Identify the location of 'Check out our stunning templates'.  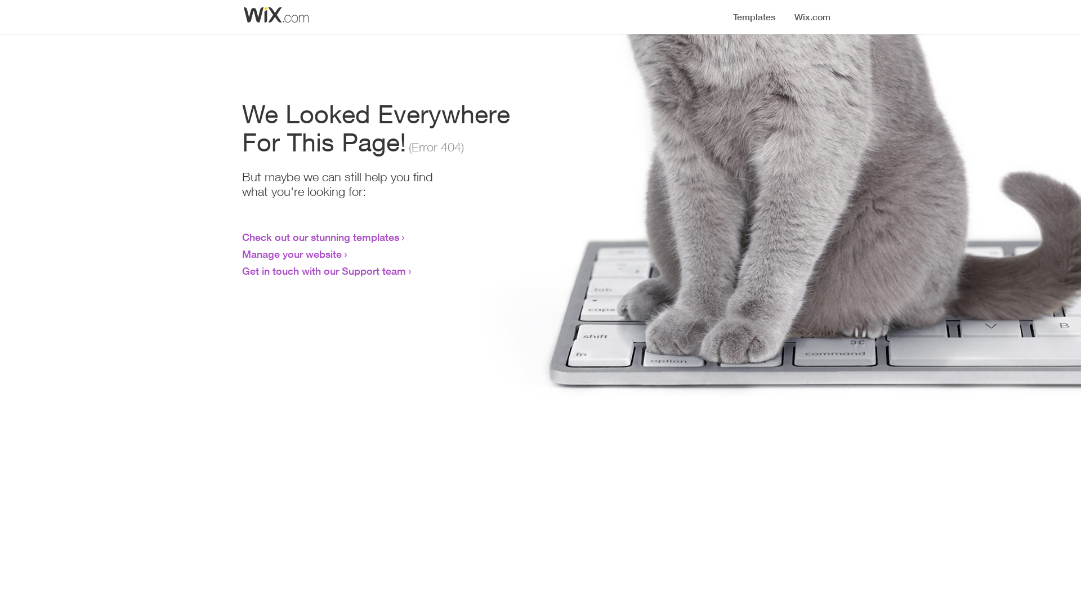
(320, 236).